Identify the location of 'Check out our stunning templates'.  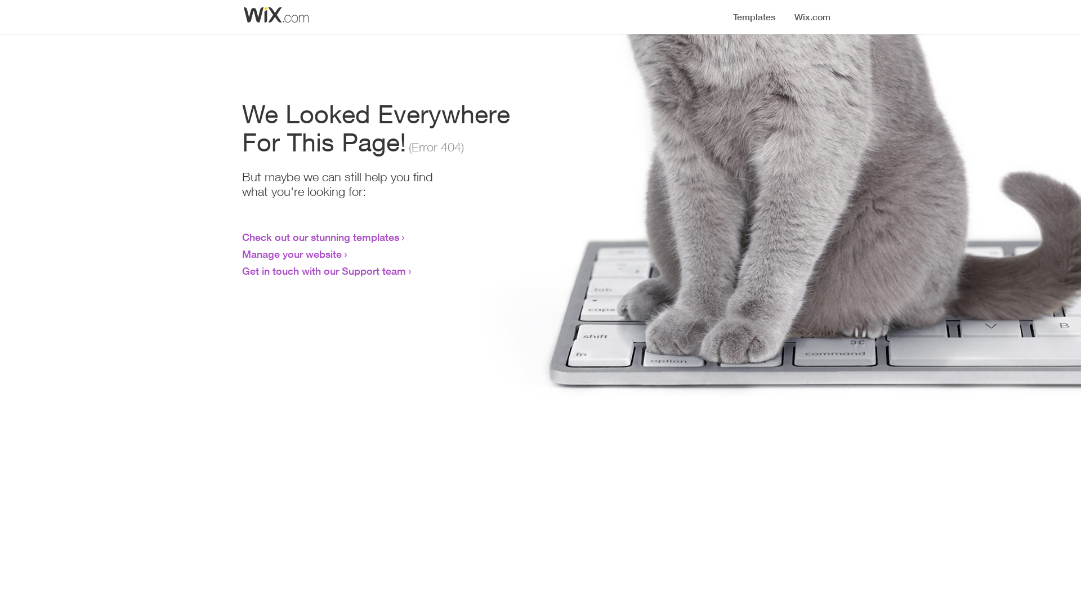
(320, 236).